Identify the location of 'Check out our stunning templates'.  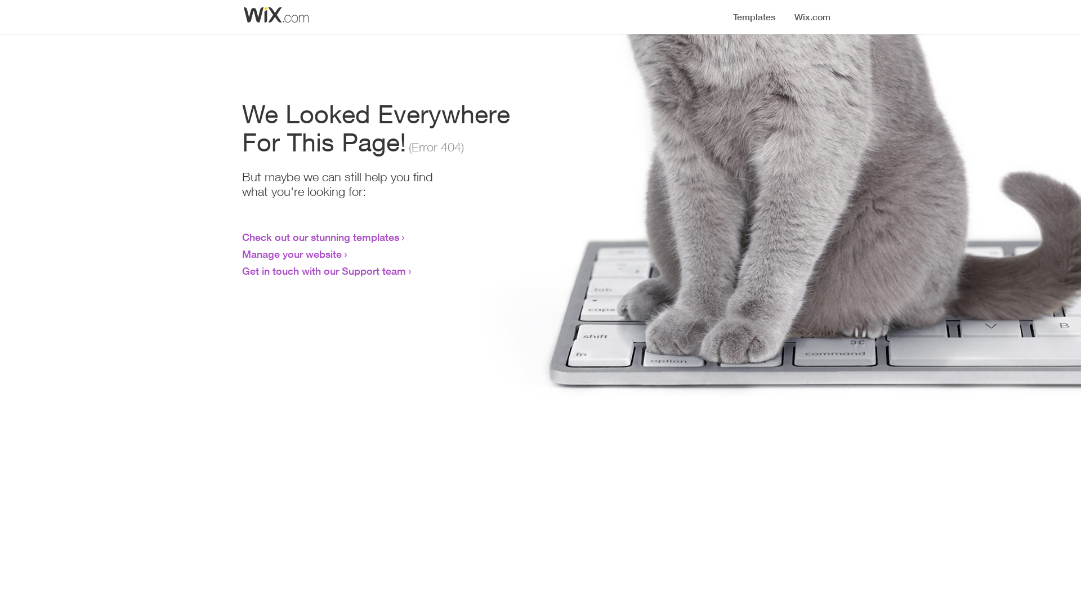
(320, 236).